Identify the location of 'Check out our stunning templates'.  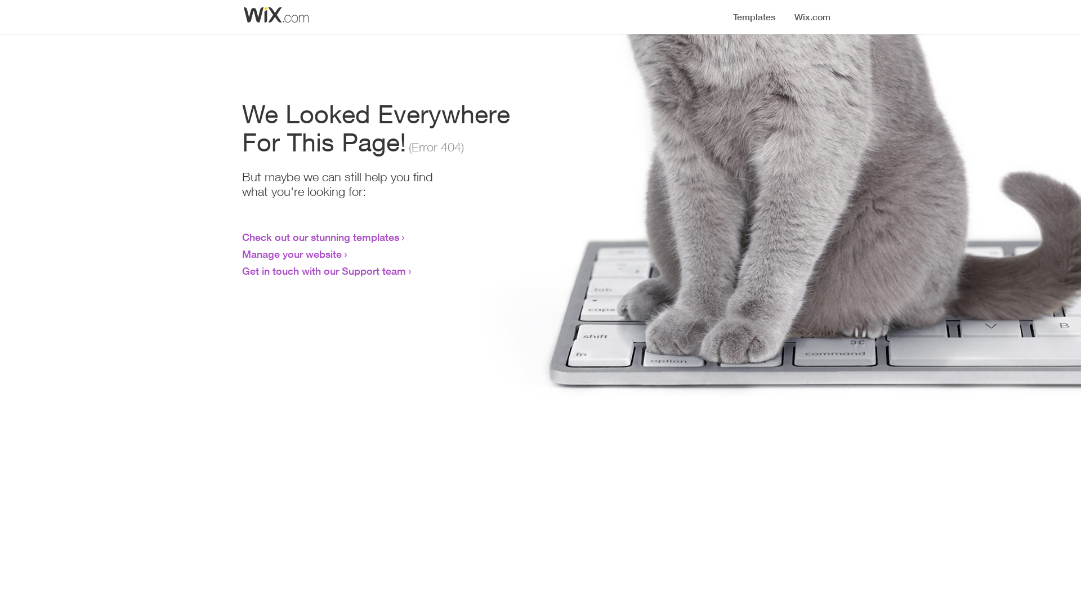
(320, 236).